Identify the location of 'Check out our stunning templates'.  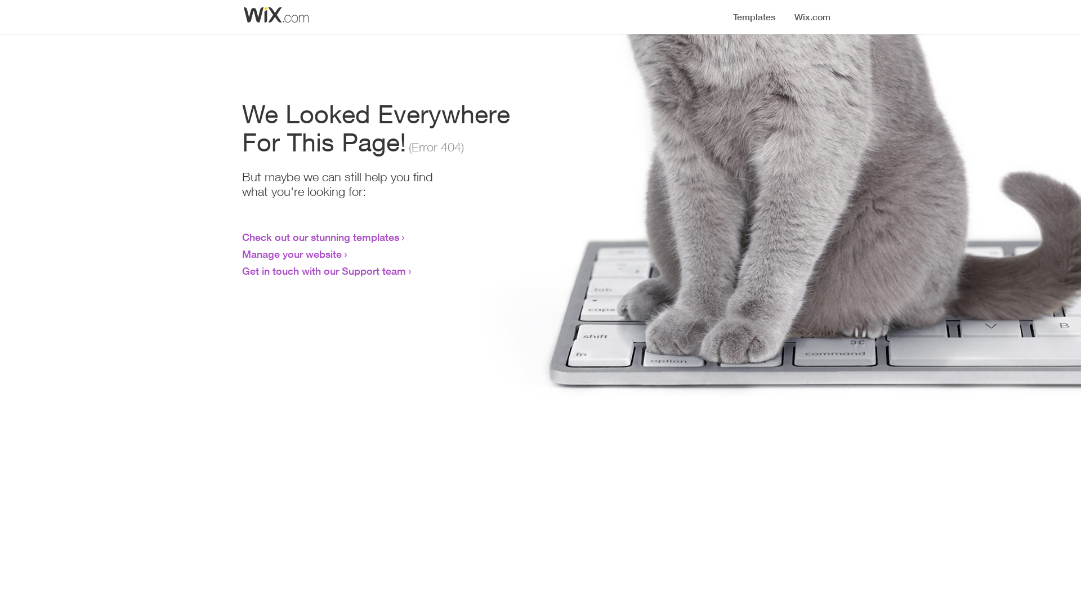
(320, 236).